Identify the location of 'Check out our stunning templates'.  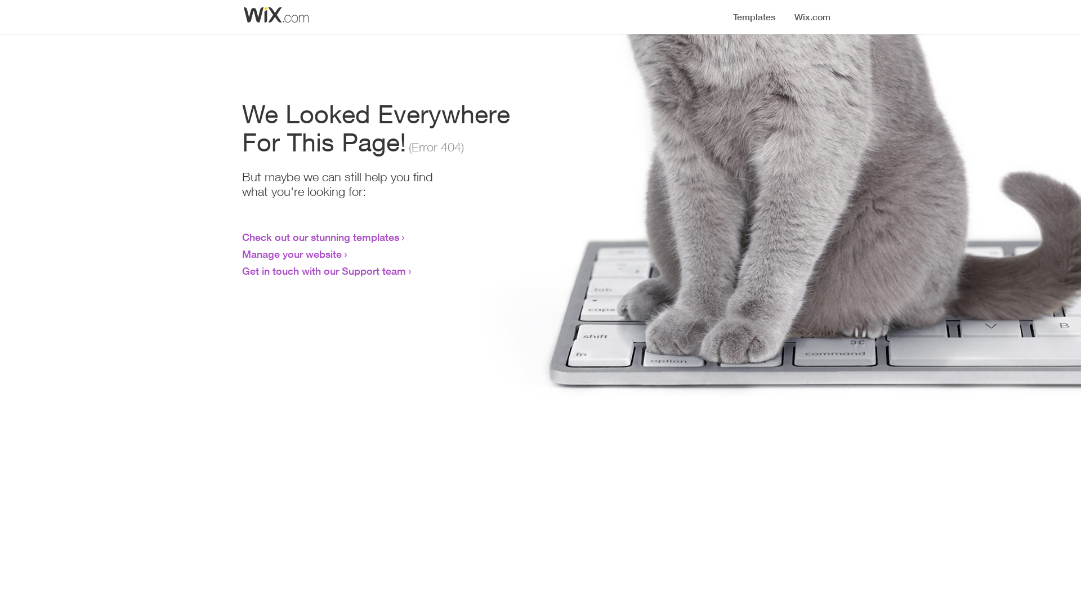
(320, 236).